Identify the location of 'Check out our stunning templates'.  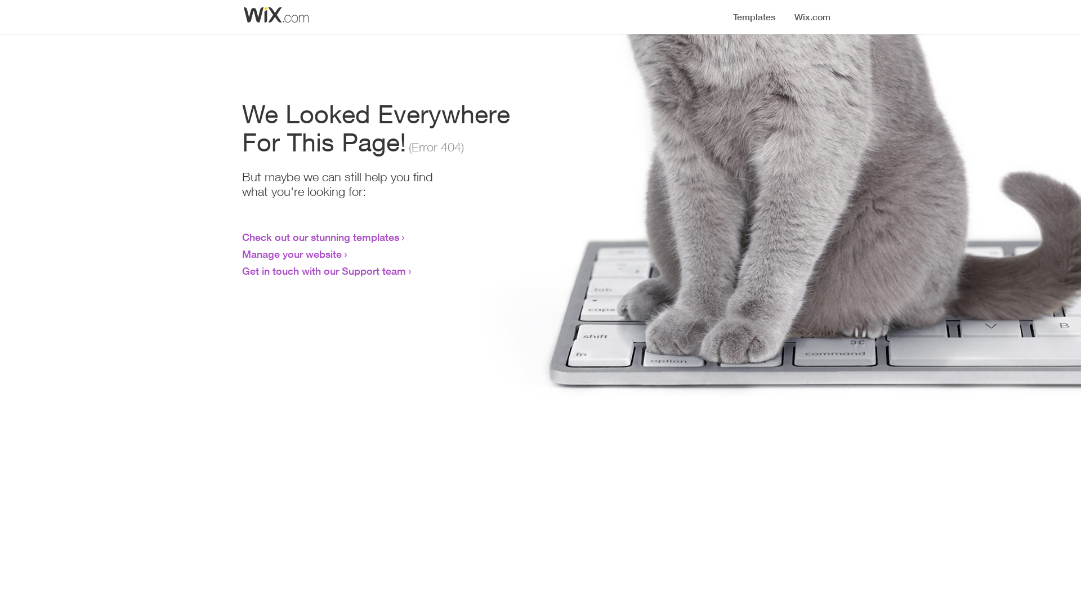
(320, 236).